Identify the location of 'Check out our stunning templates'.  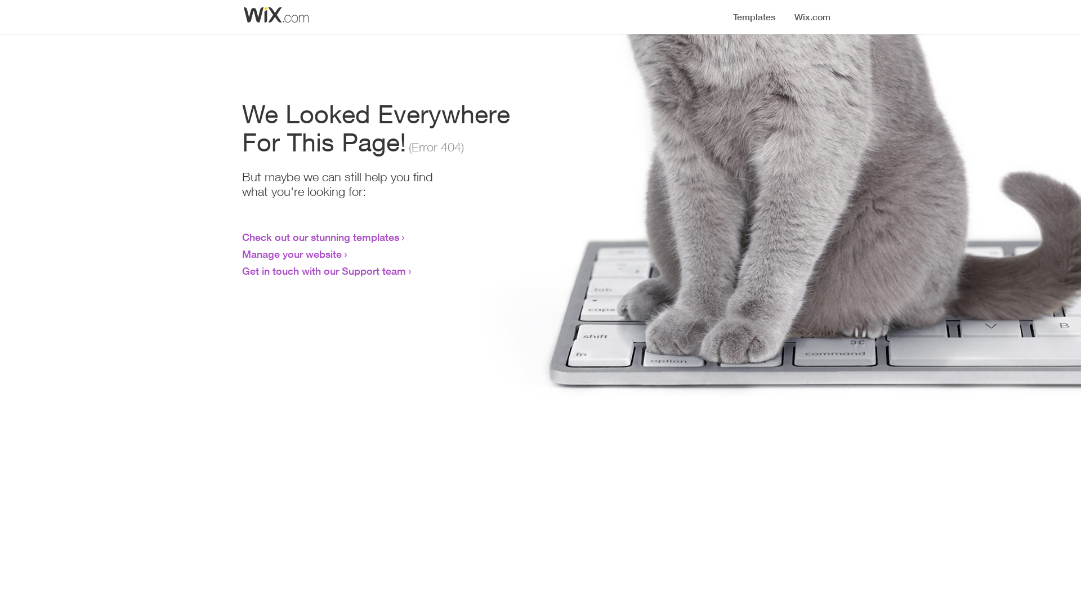
(320, 236).